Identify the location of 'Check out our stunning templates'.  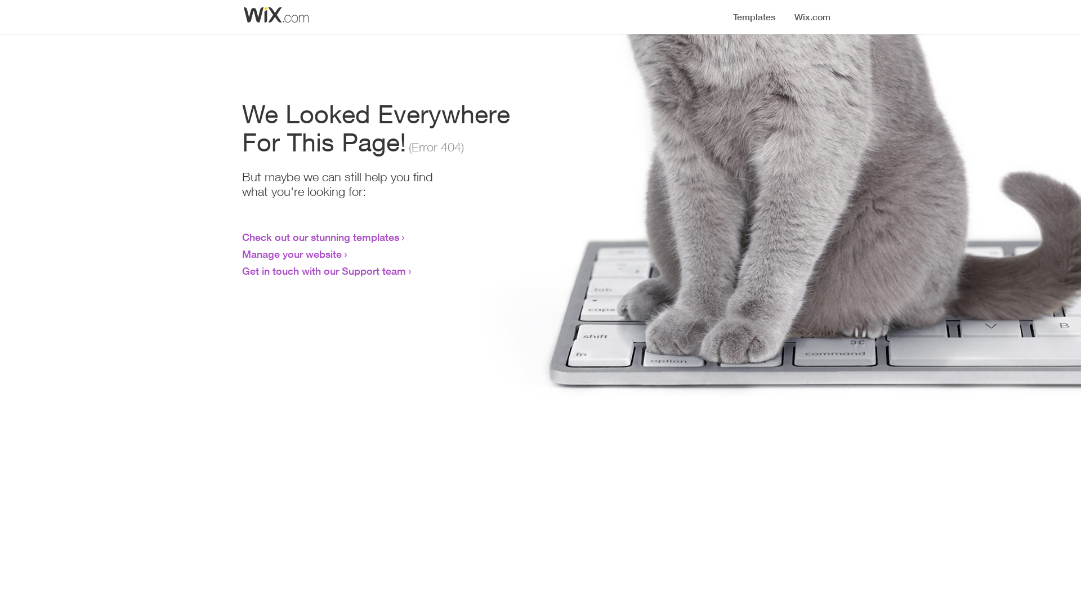
(320, 236).